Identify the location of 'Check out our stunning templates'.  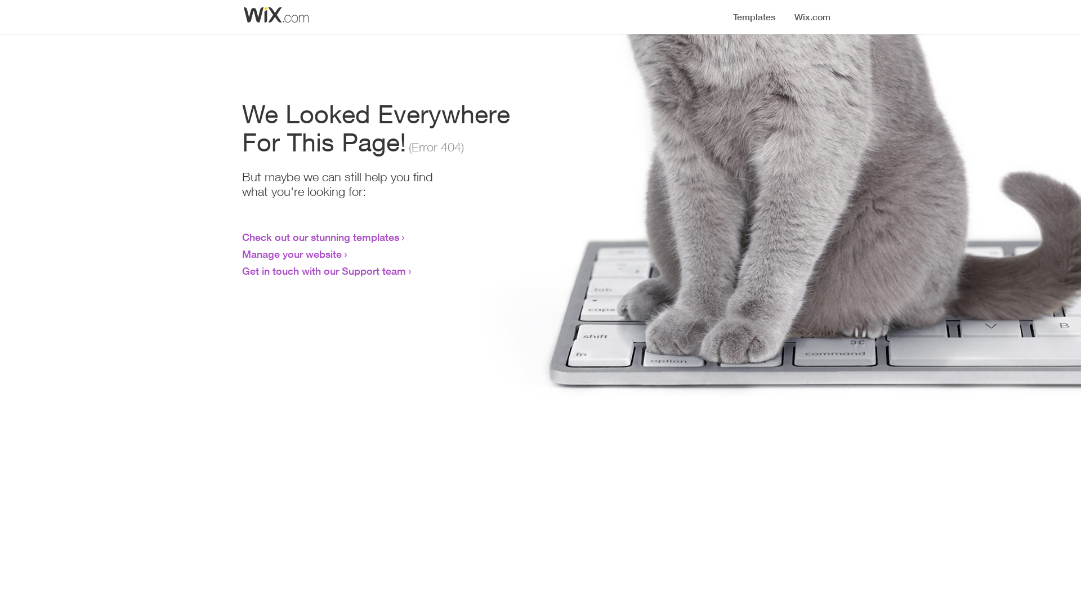
(320, 236).